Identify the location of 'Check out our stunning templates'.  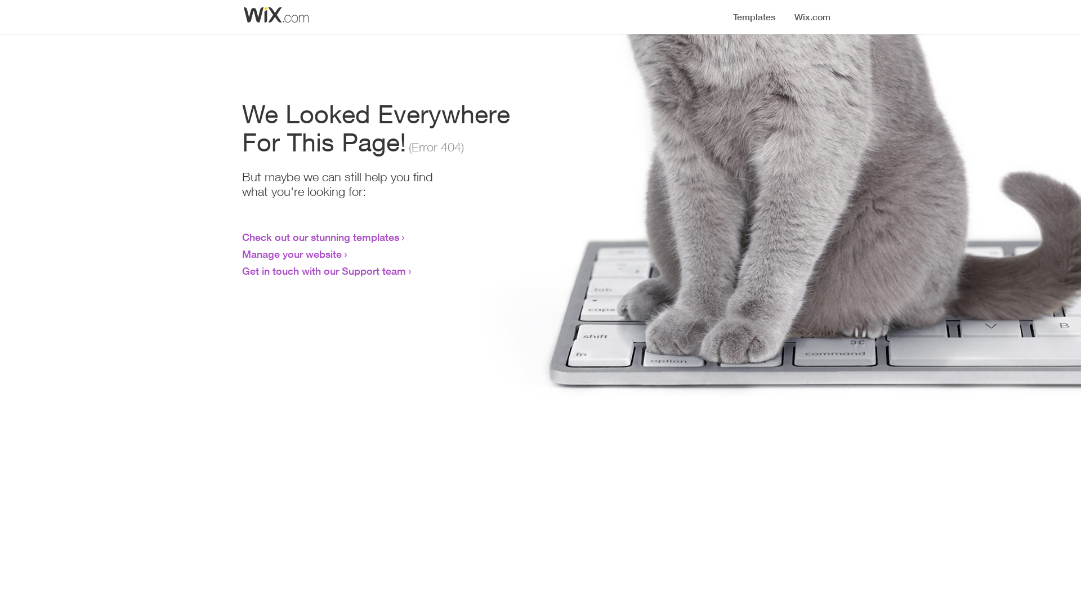
(320, 236).